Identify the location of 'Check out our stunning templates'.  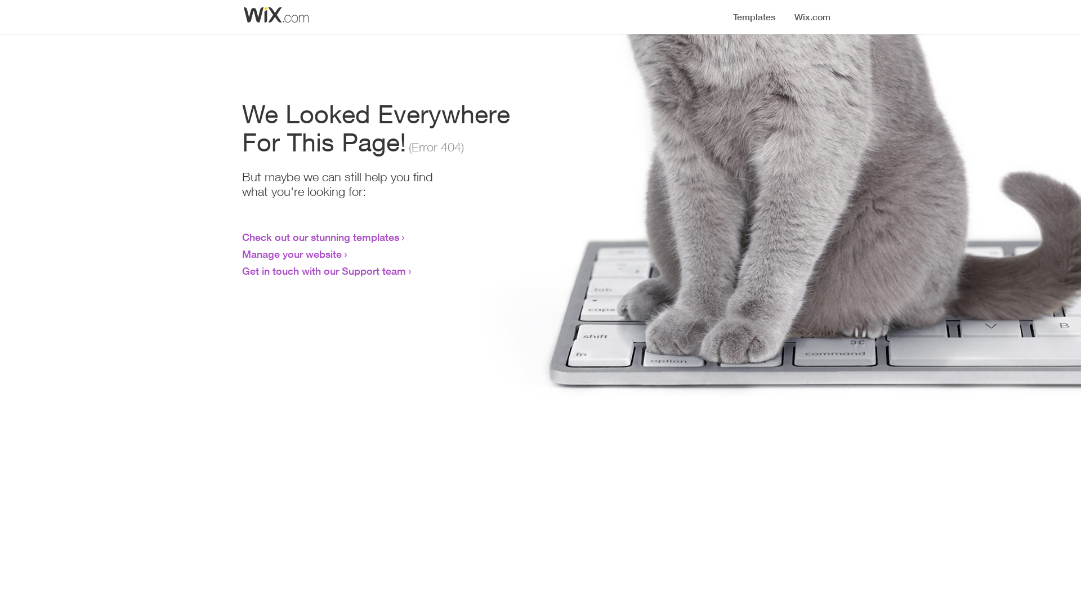
(320, 236).